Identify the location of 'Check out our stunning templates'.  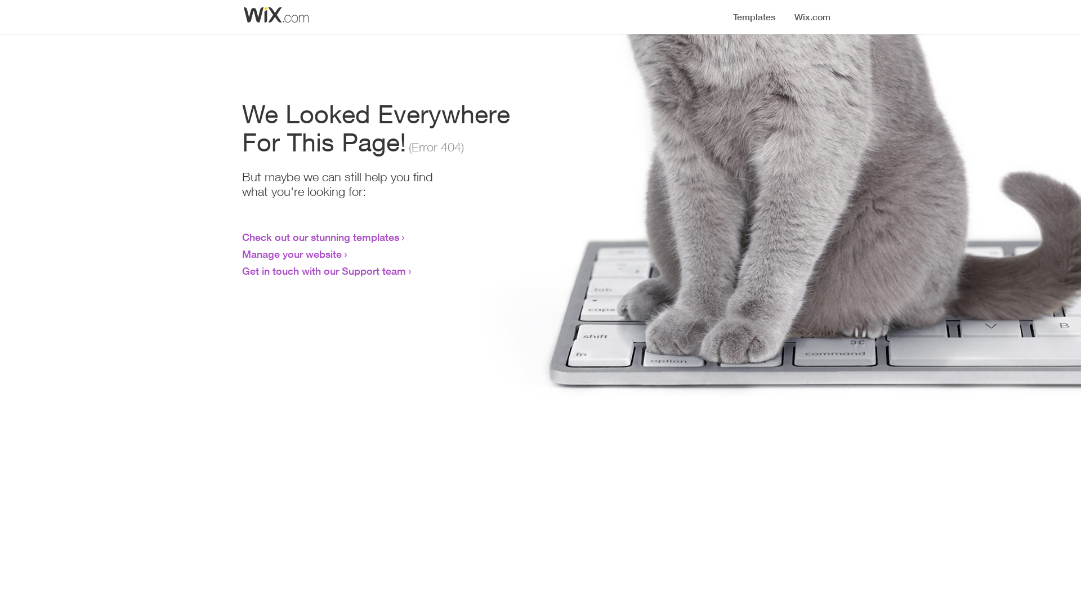
(320, 236).